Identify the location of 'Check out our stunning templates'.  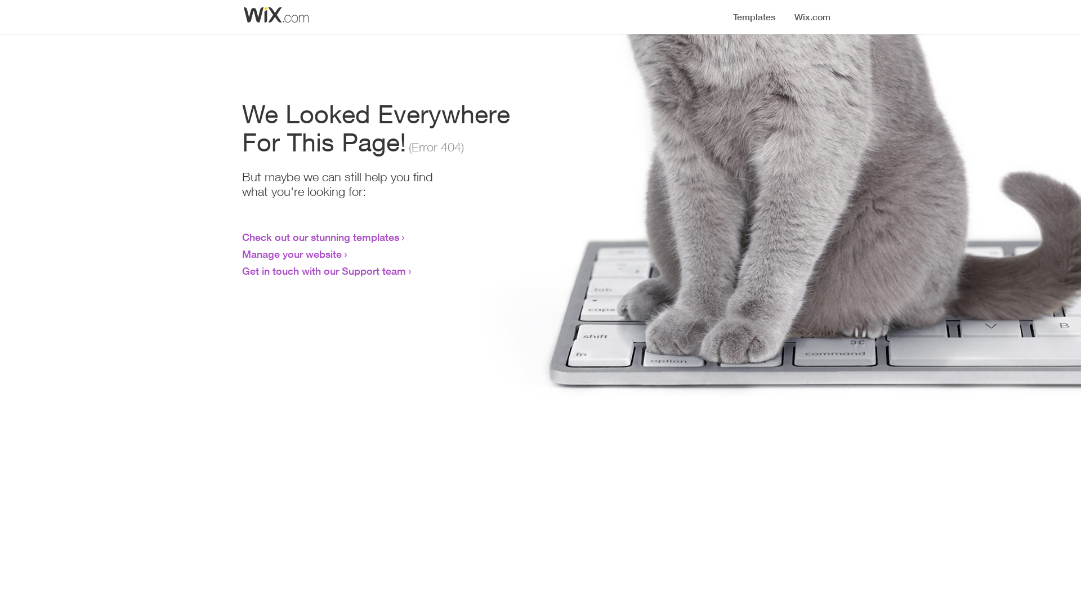
(320, 236).